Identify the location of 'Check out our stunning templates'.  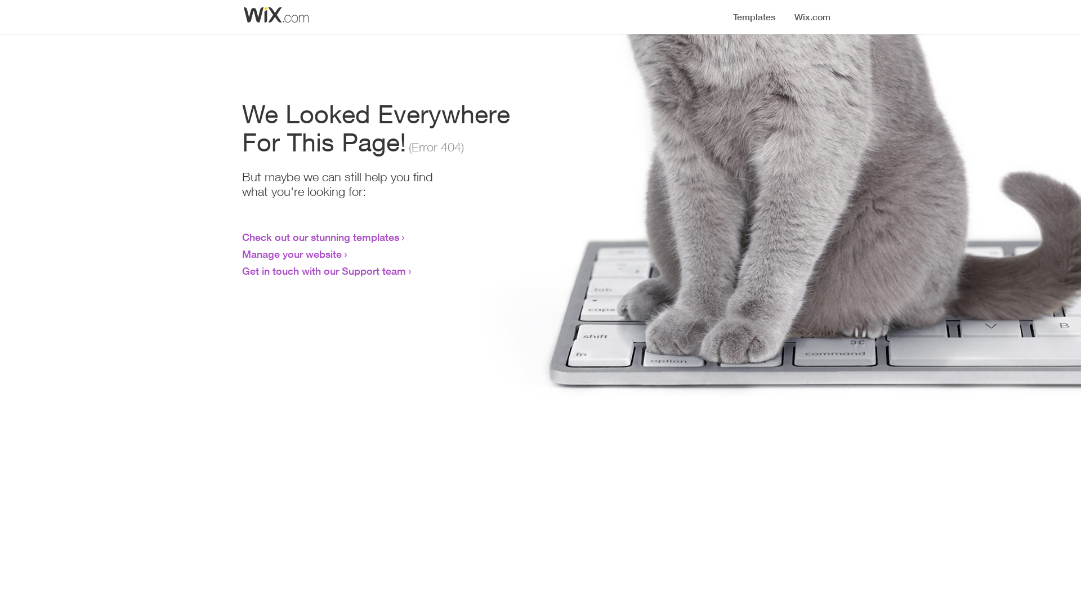
(320, 236).